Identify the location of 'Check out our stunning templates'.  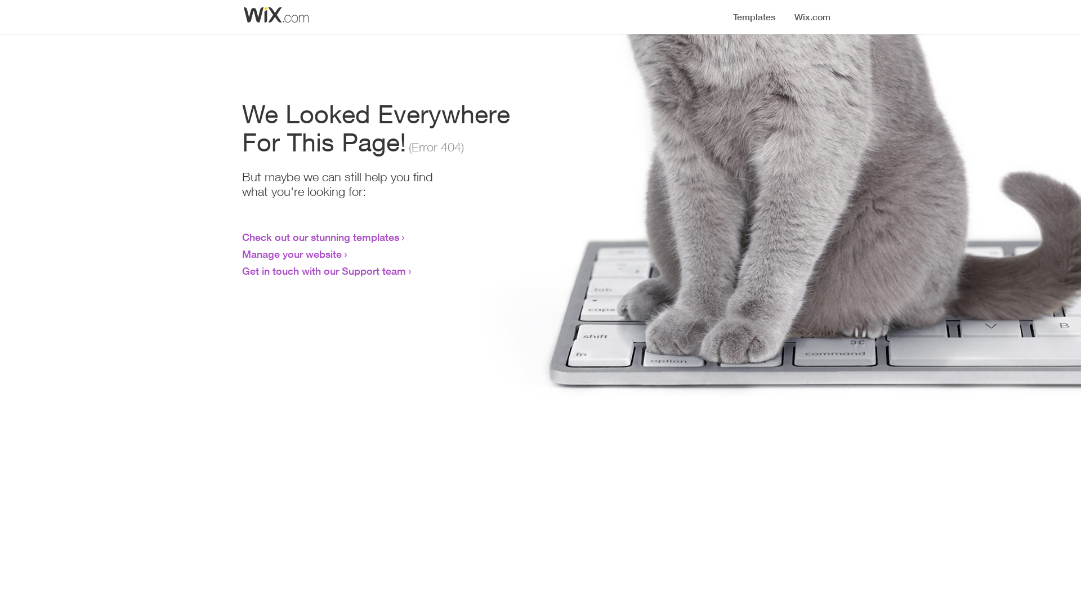
(320, 236).